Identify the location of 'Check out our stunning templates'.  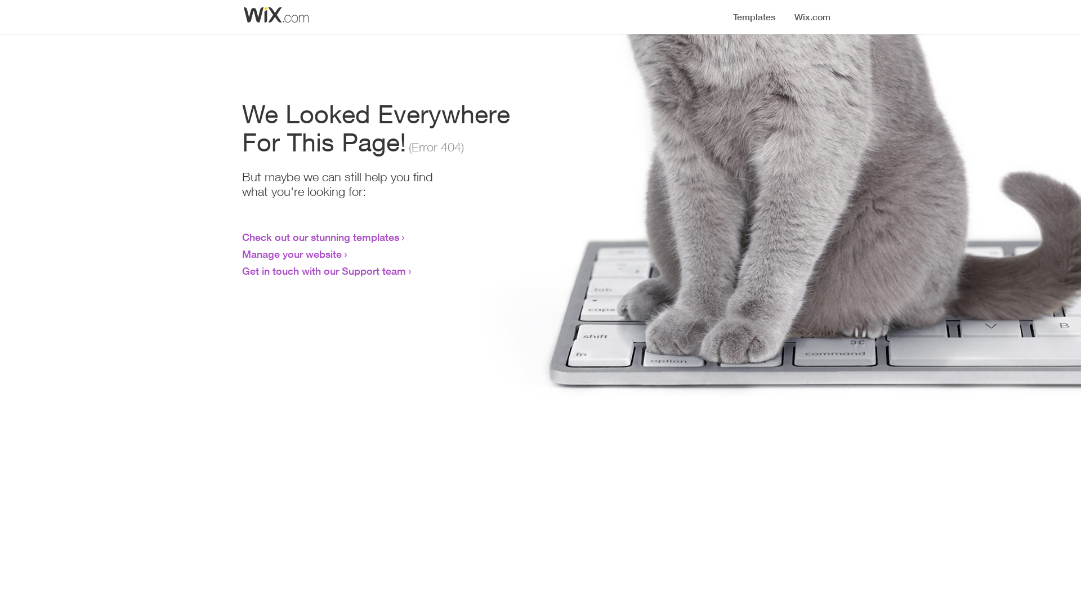
(320, 236).